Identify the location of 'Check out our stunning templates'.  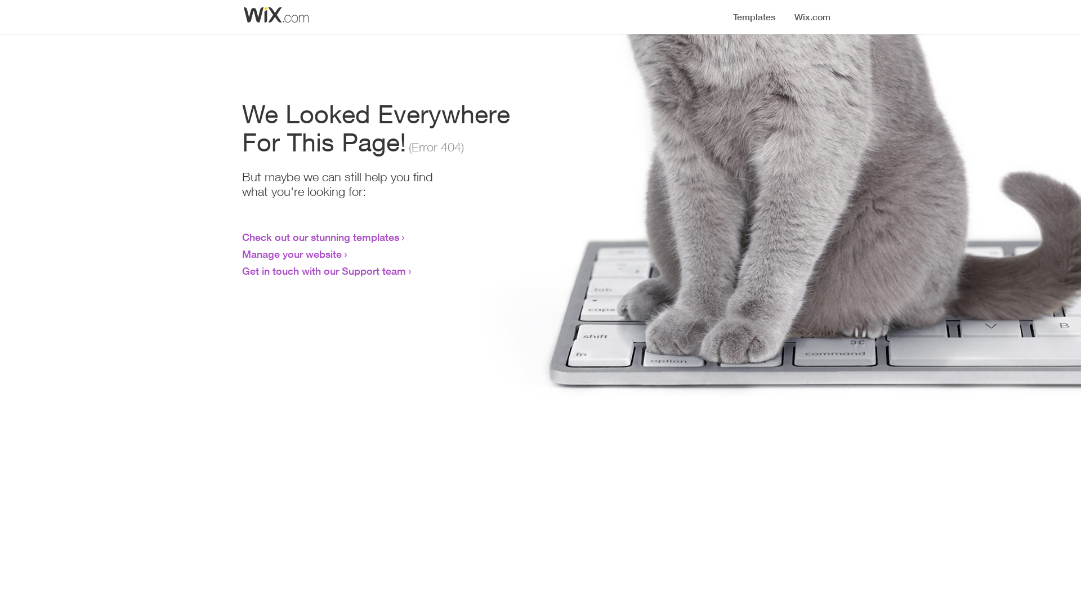
(320, 236).